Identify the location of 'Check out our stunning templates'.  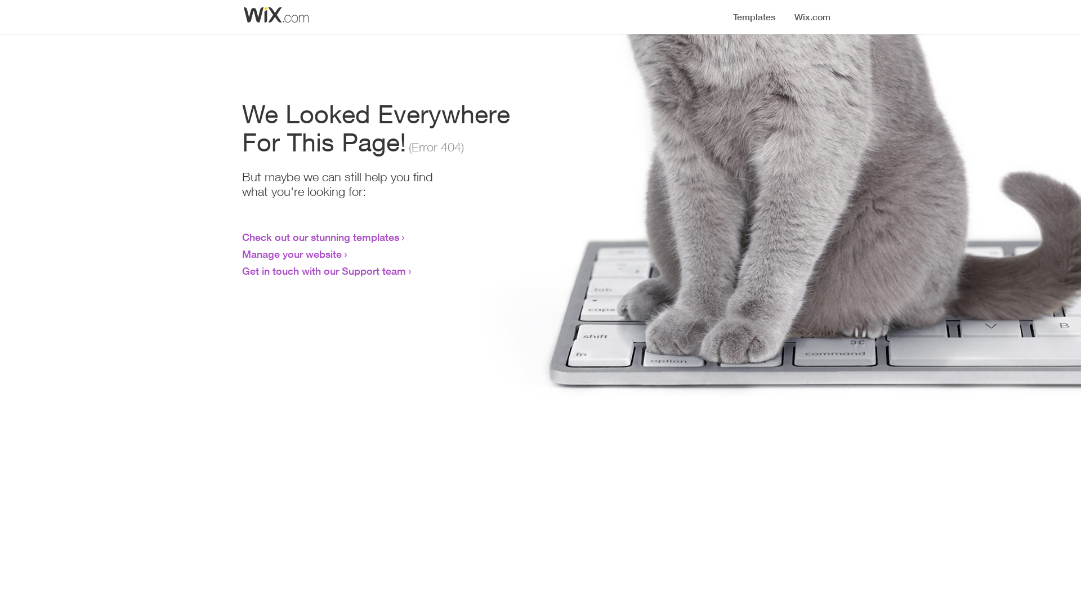
(320, 236).